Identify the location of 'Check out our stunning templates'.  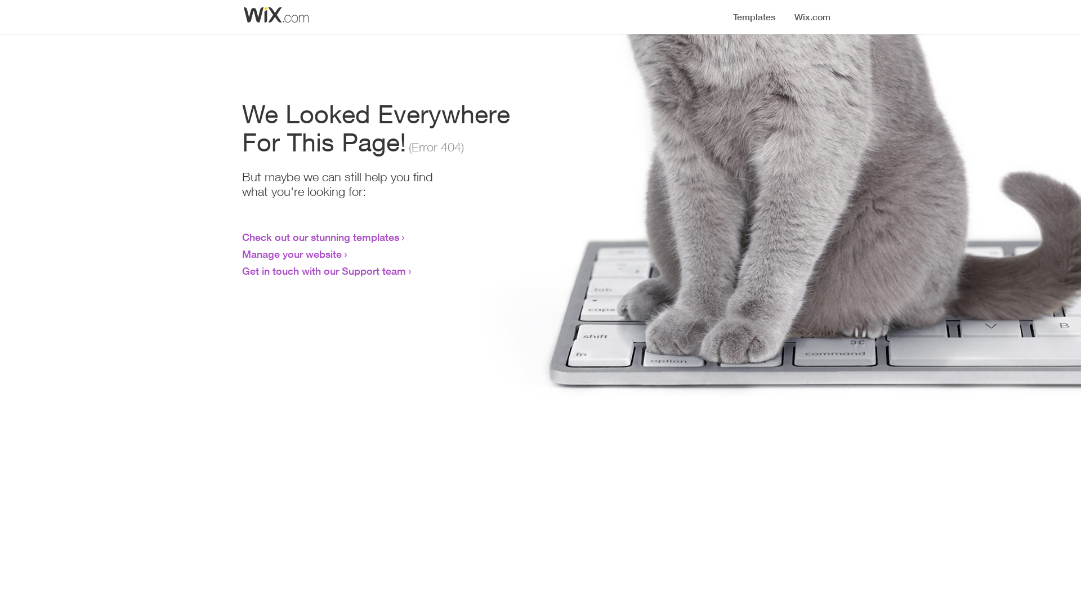
(320, 236).